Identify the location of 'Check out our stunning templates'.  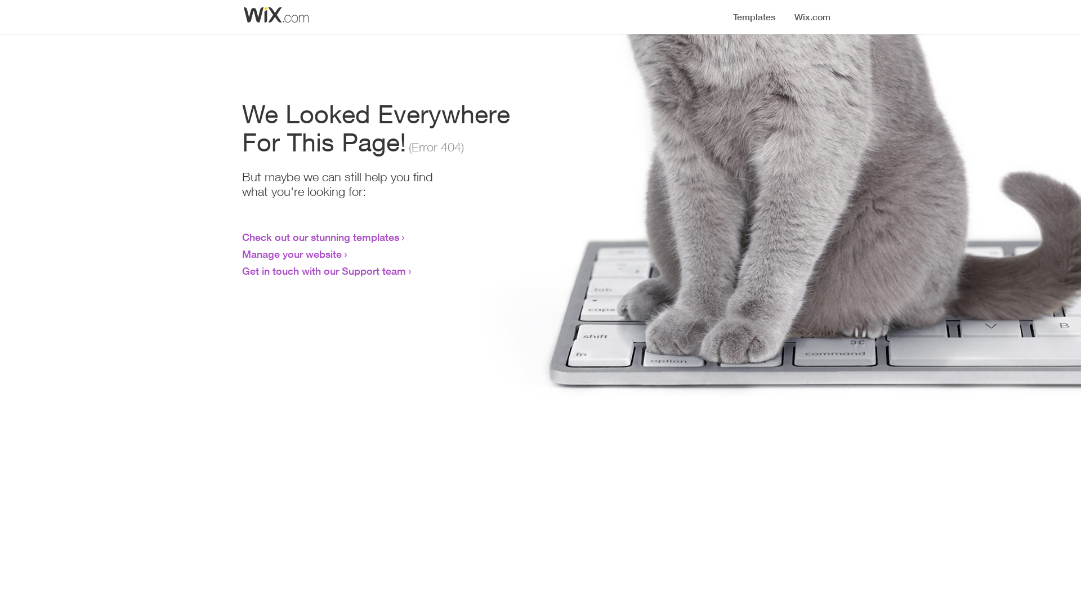
(320, 236).